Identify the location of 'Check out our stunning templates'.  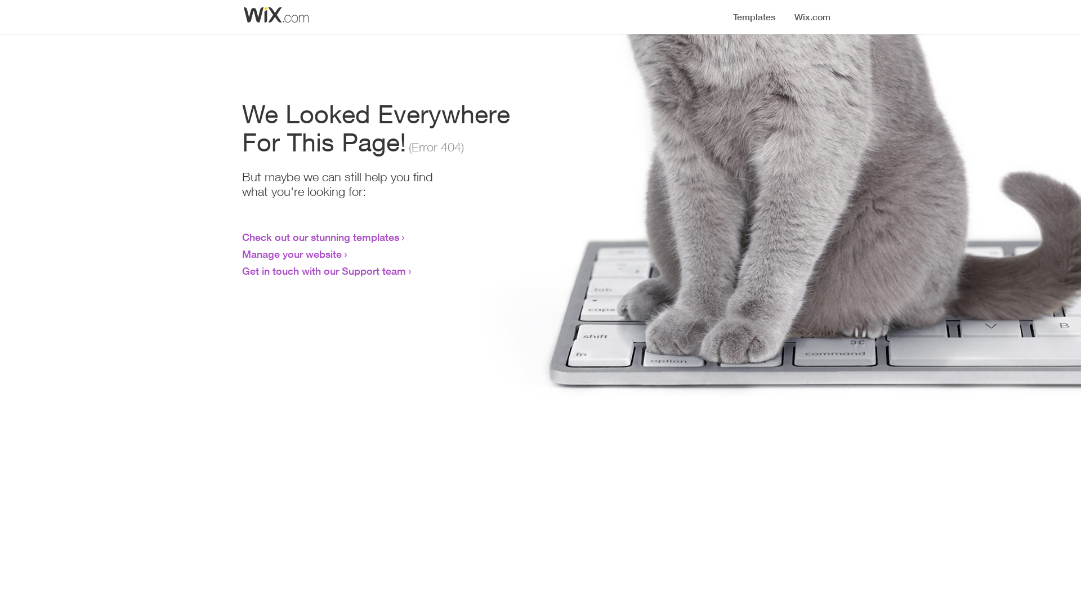
(320, 236).